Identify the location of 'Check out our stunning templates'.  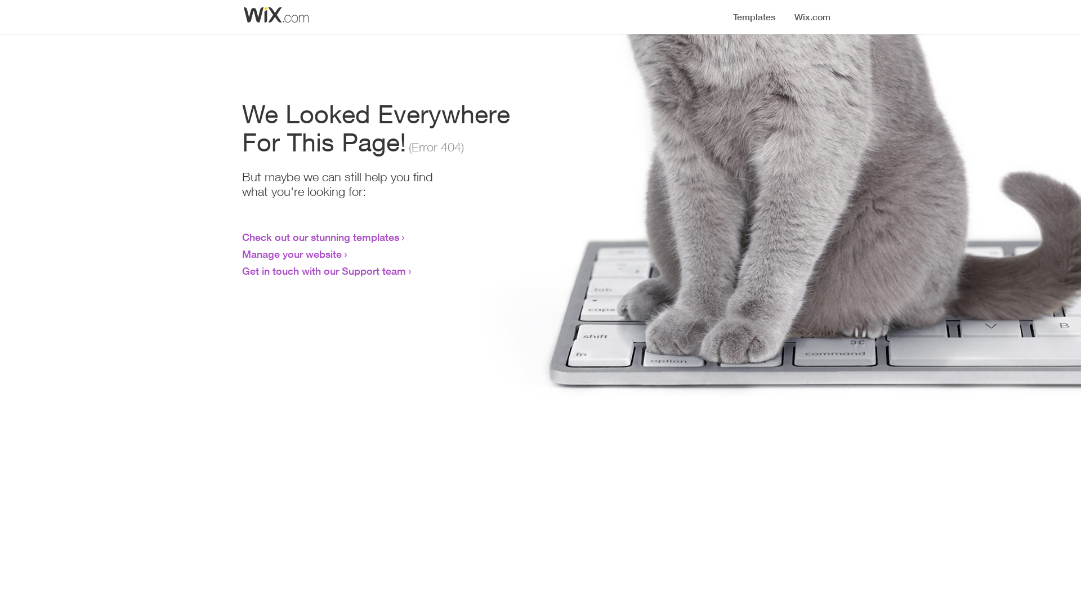
(320, 236).